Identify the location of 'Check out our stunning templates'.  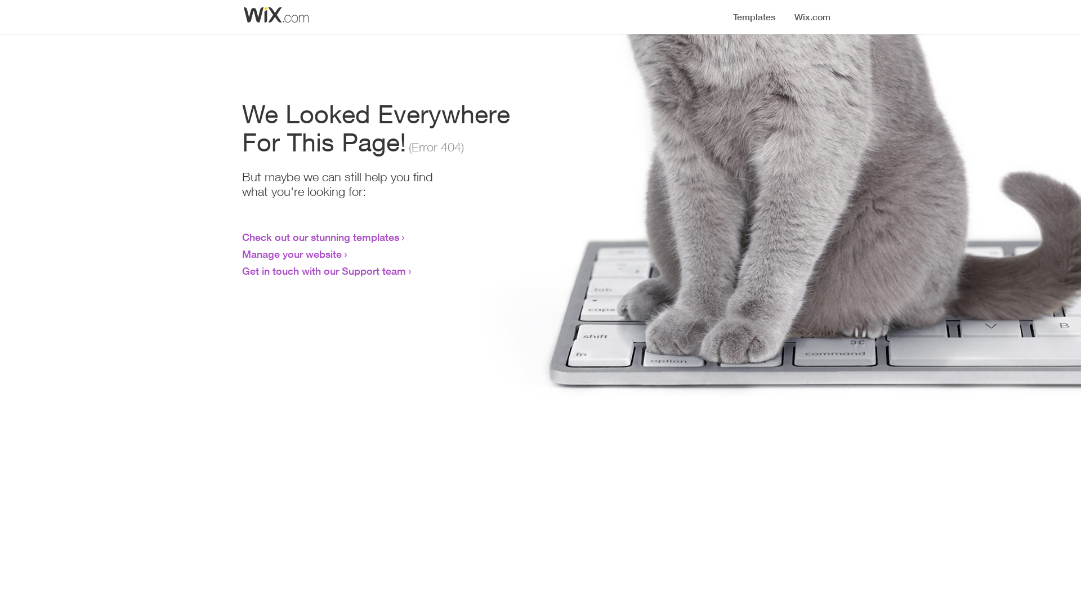
(320, 236).